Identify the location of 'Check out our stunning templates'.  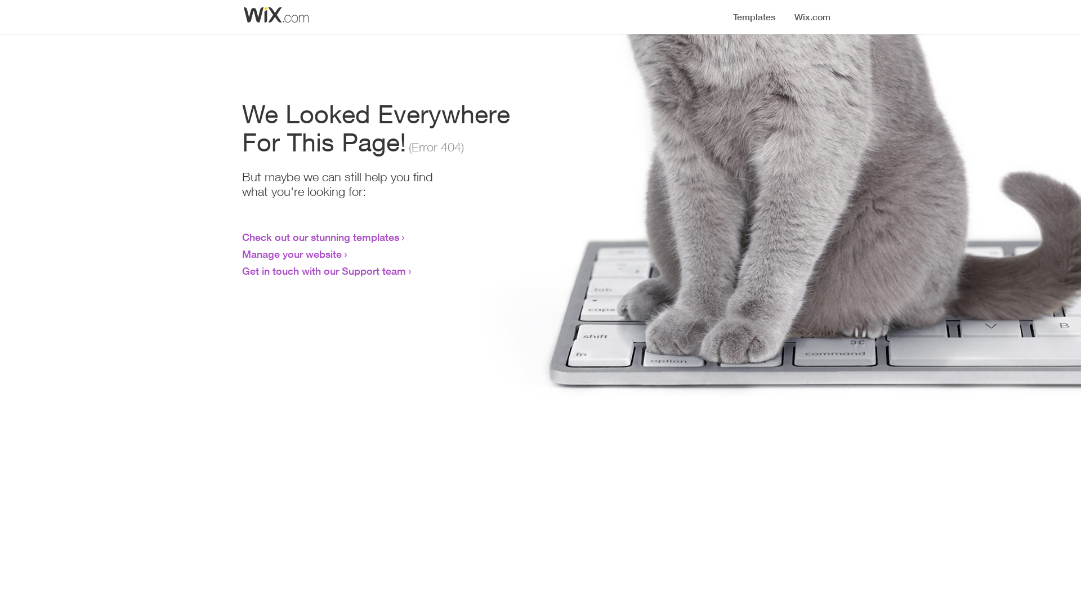
(320, 236).